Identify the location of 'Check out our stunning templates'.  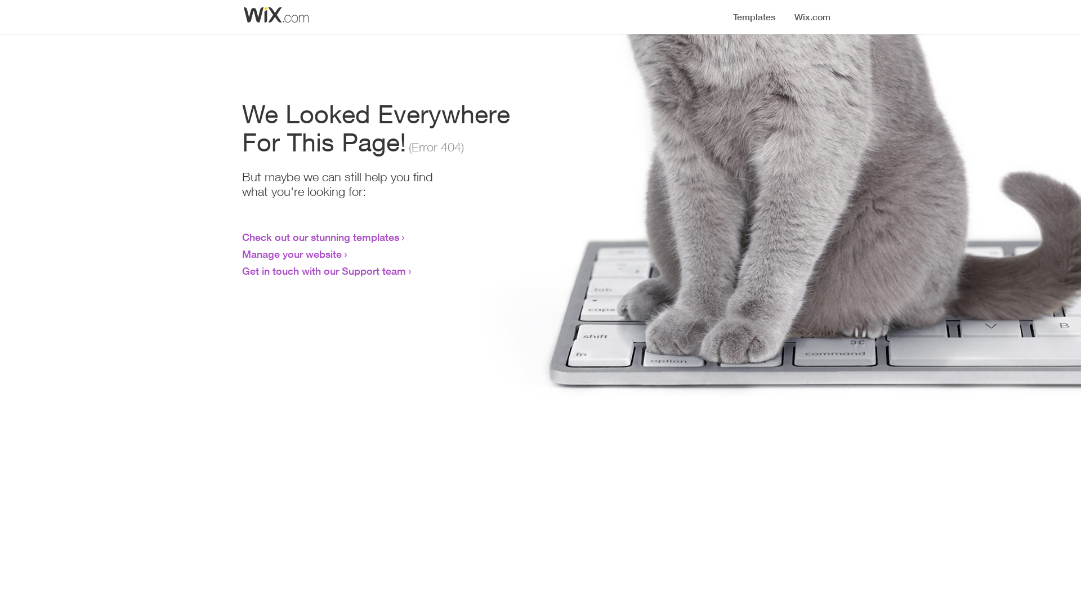
(320, 236).